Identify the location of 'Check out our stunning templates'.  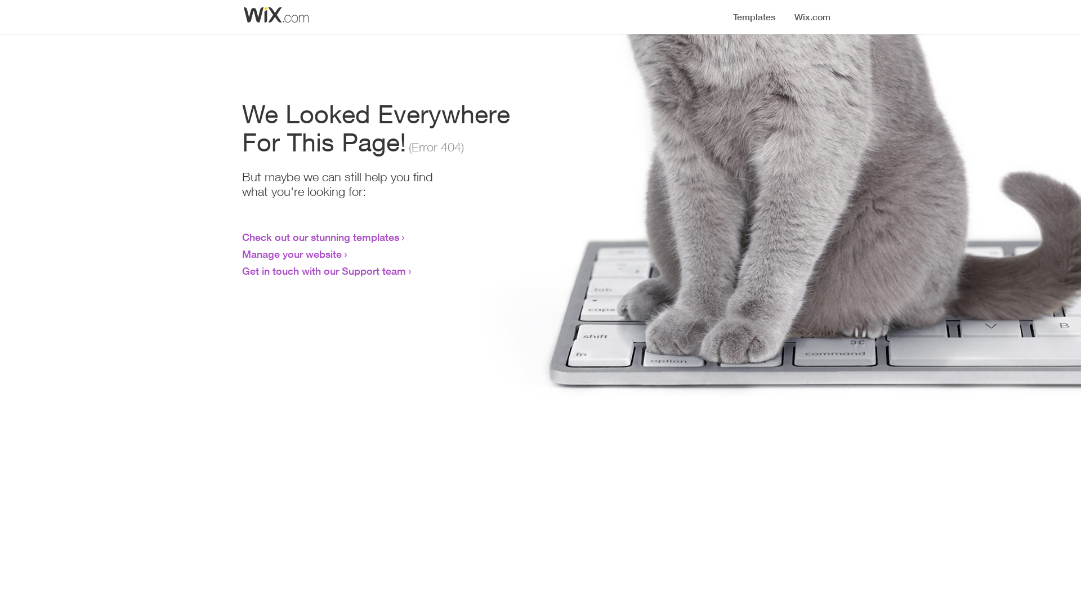
(320, 236).